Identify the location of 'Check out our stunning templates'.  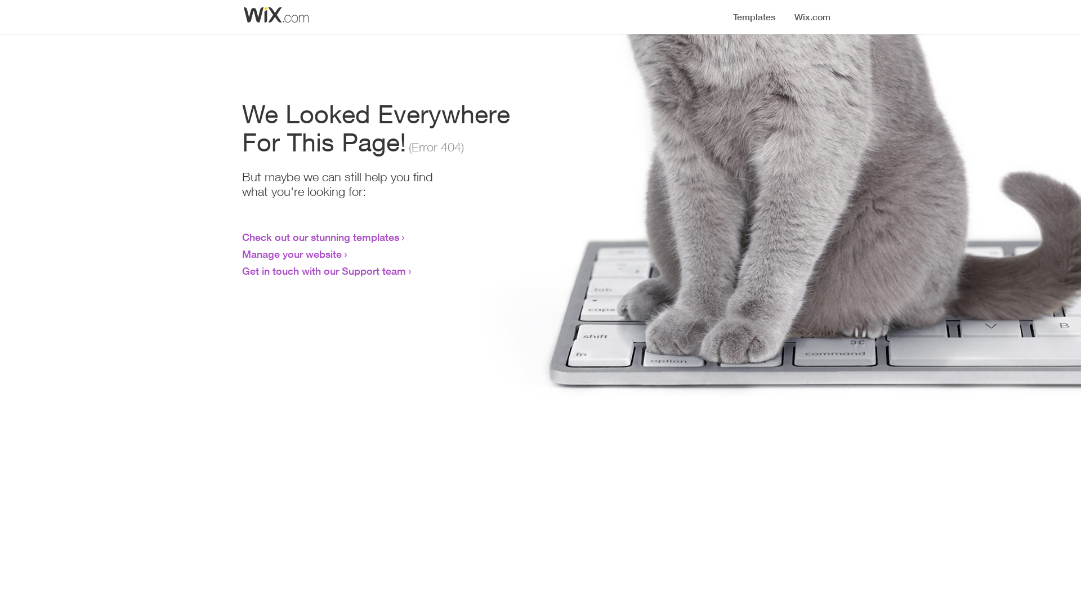
(320, 236).